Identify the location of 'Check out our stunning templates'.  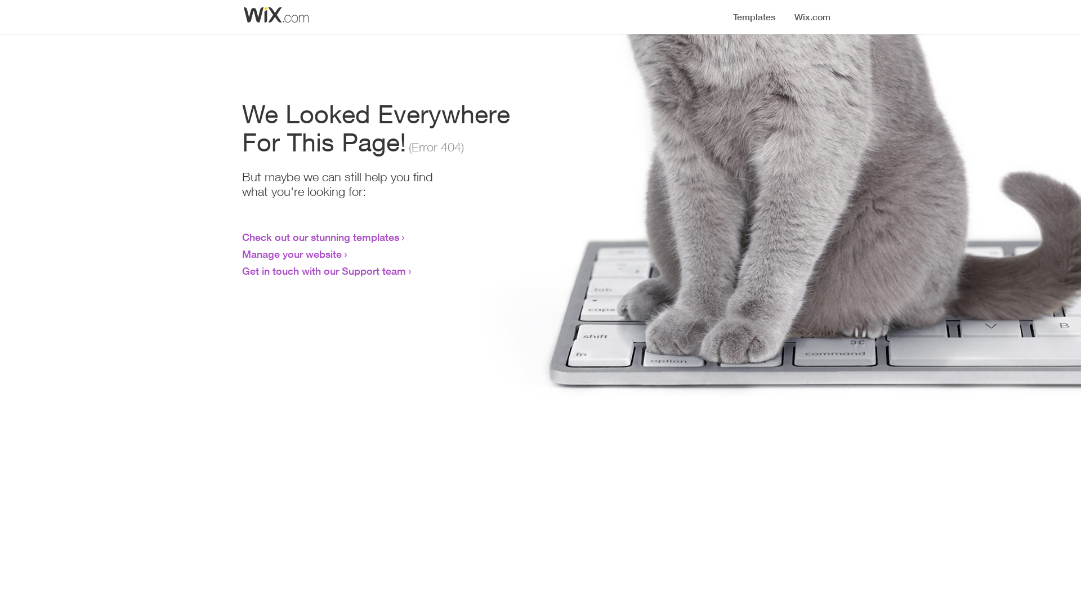
(320, 236).